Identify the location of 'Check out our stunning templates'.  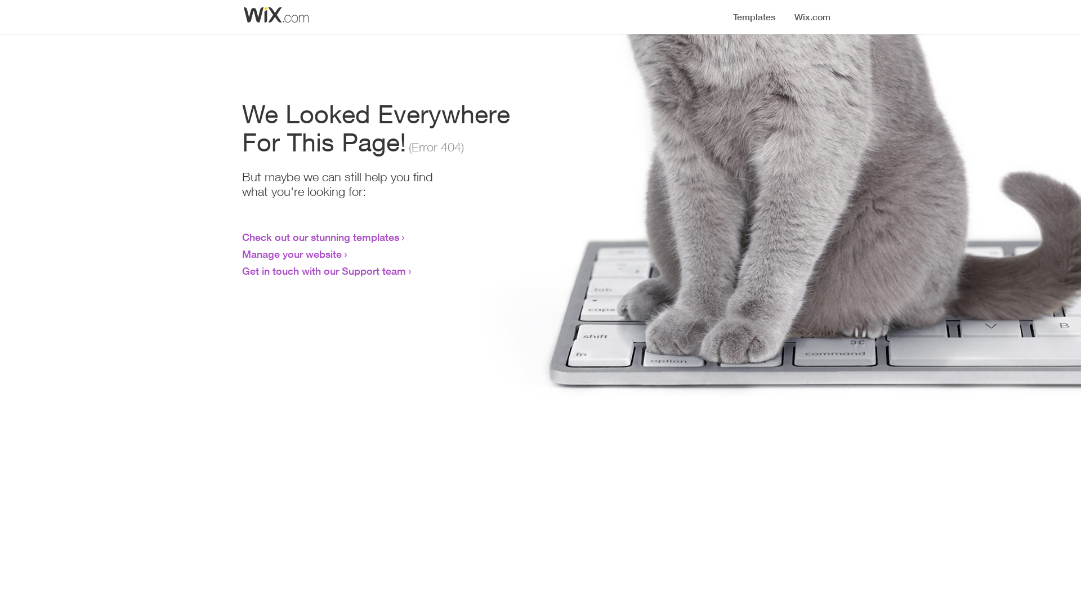
(320, 236).